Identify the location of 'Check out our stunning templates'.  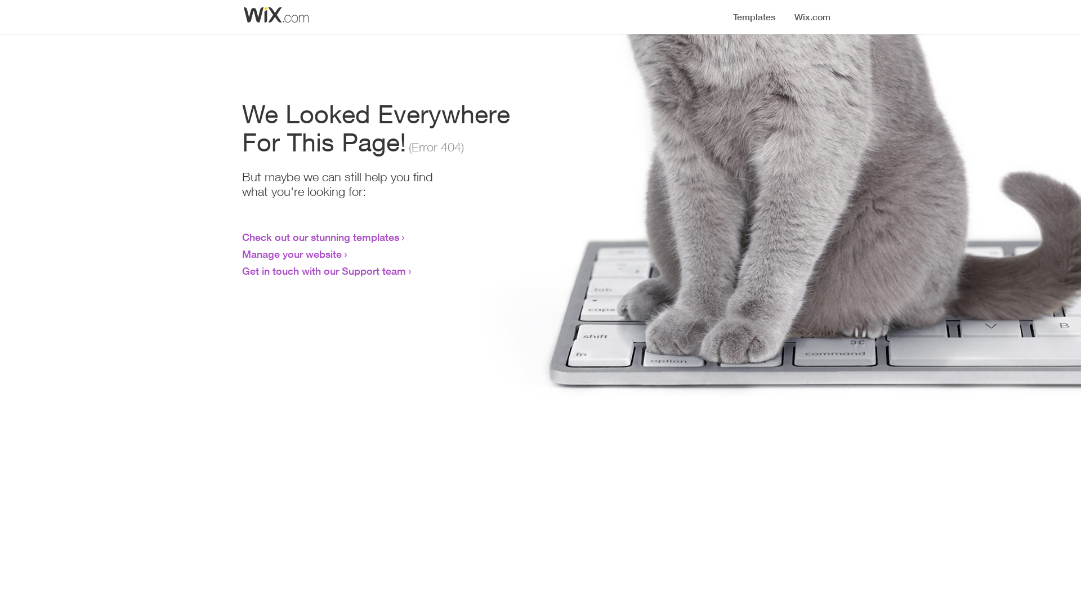
(320, 236).